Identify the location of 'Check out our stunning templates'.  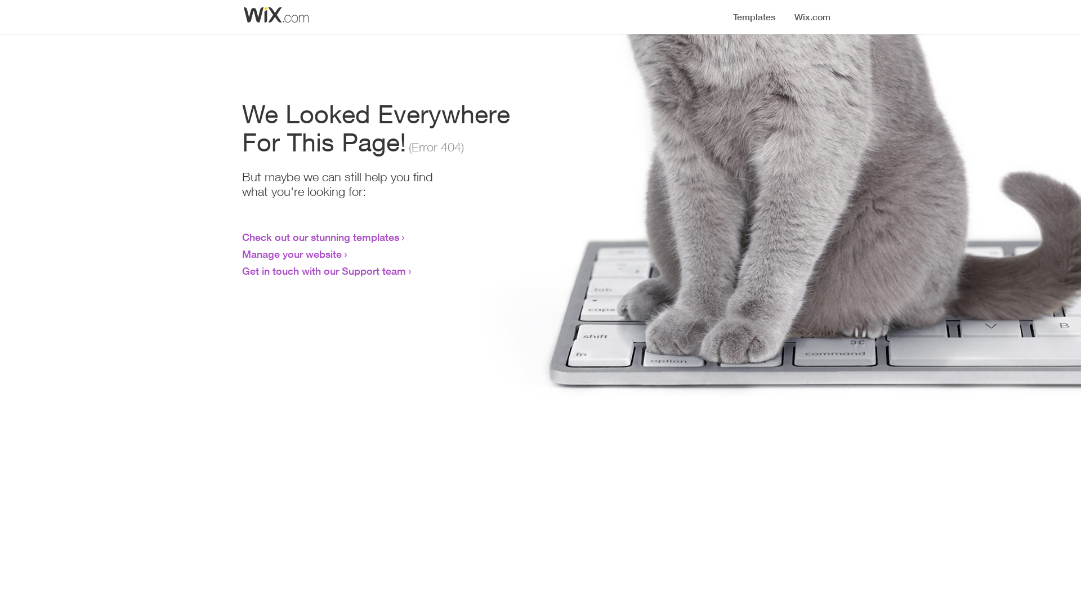
(320, 236).